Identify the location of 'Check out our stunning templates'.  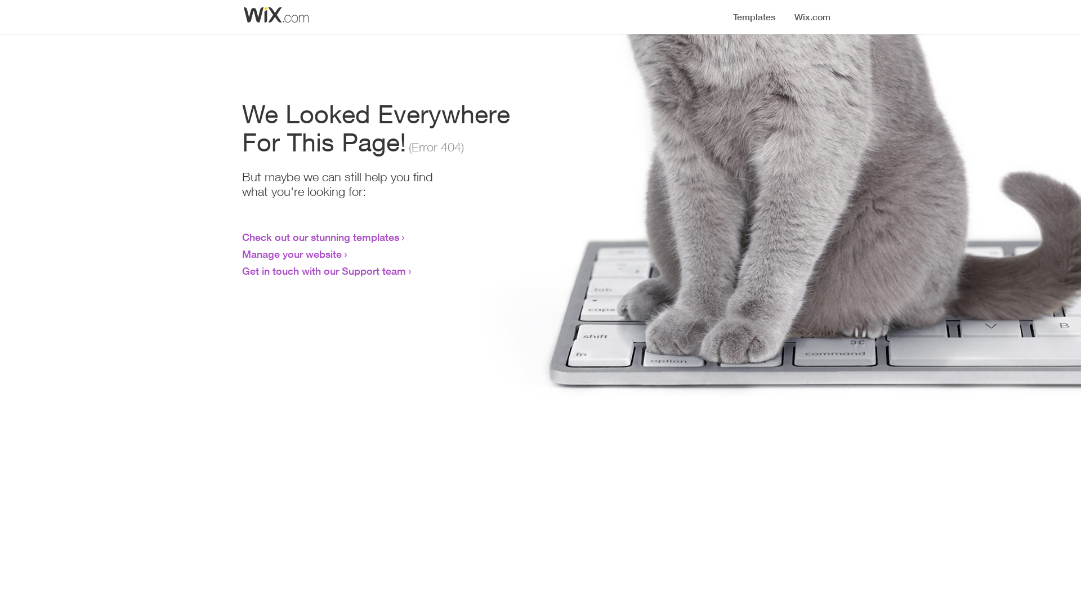
(320, 236).